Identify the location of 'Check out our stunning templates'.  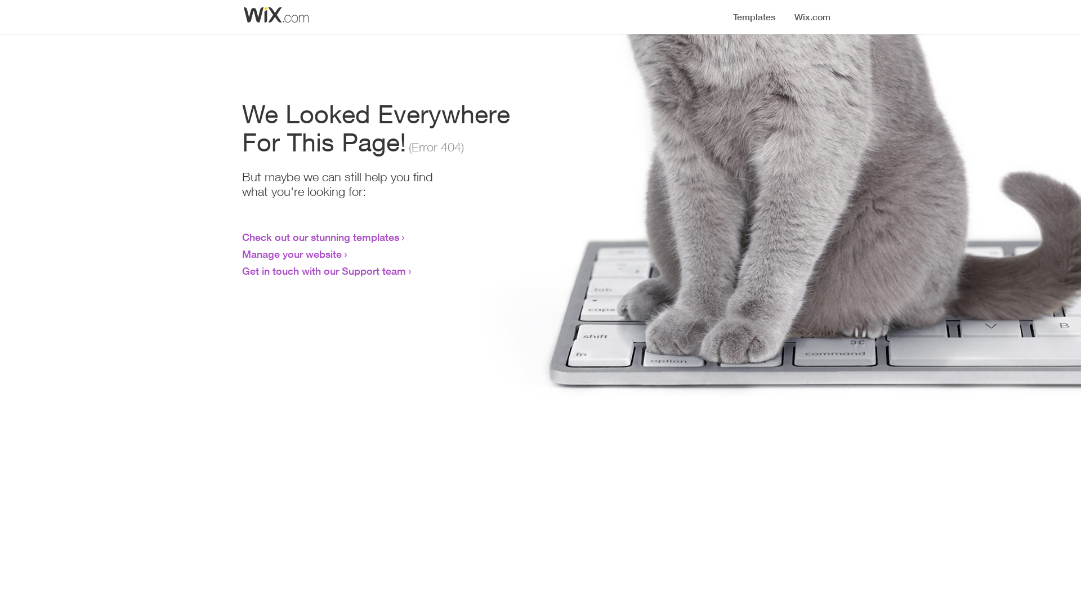
(320, 236).